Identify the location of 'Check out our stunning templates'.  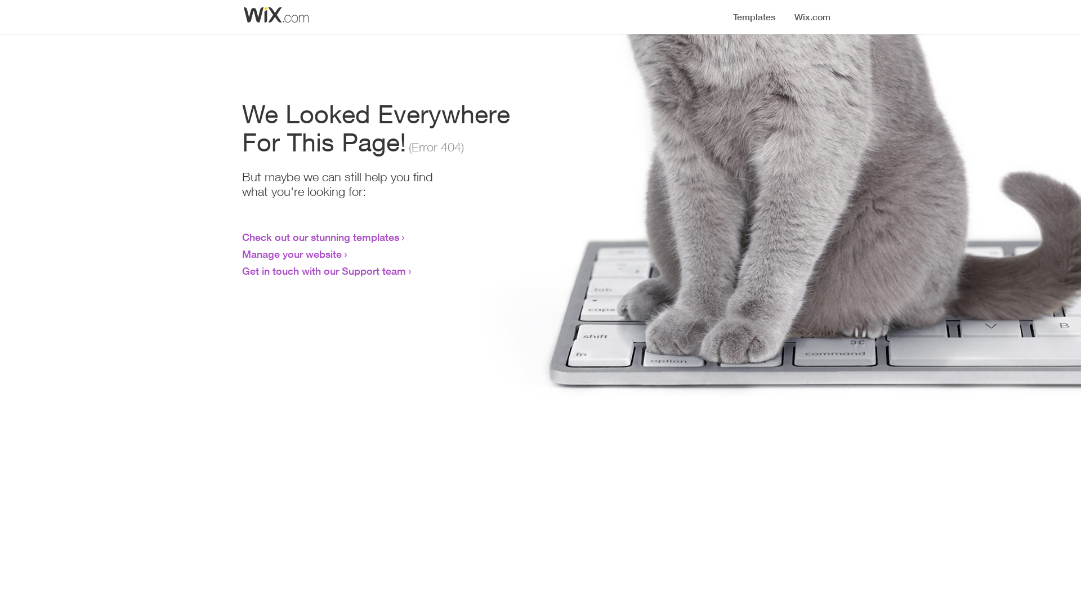
(320, 236).